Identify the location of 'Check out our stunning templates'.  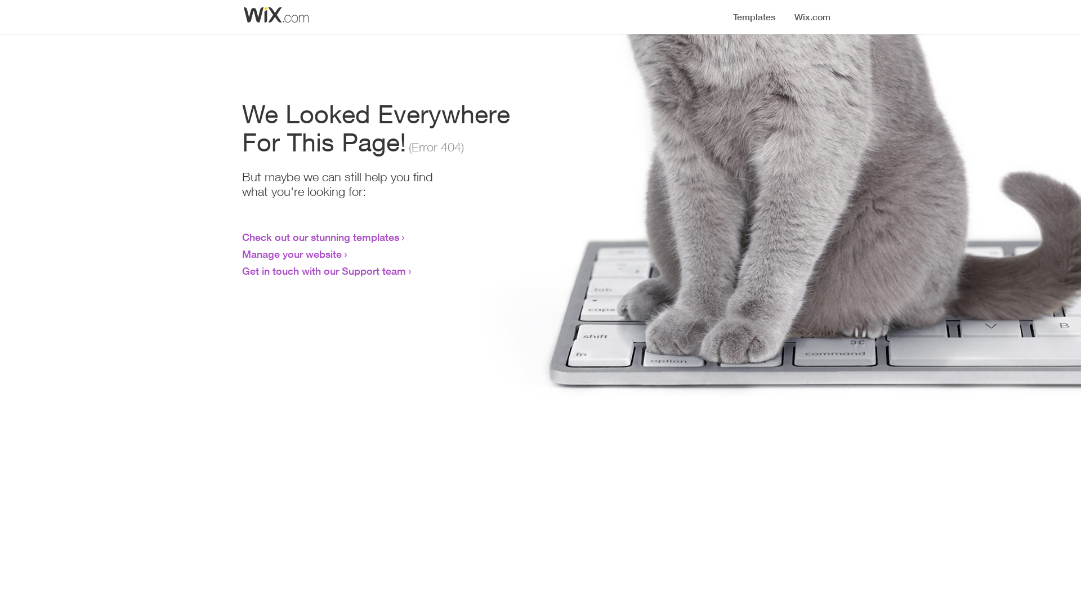
(320, 236).